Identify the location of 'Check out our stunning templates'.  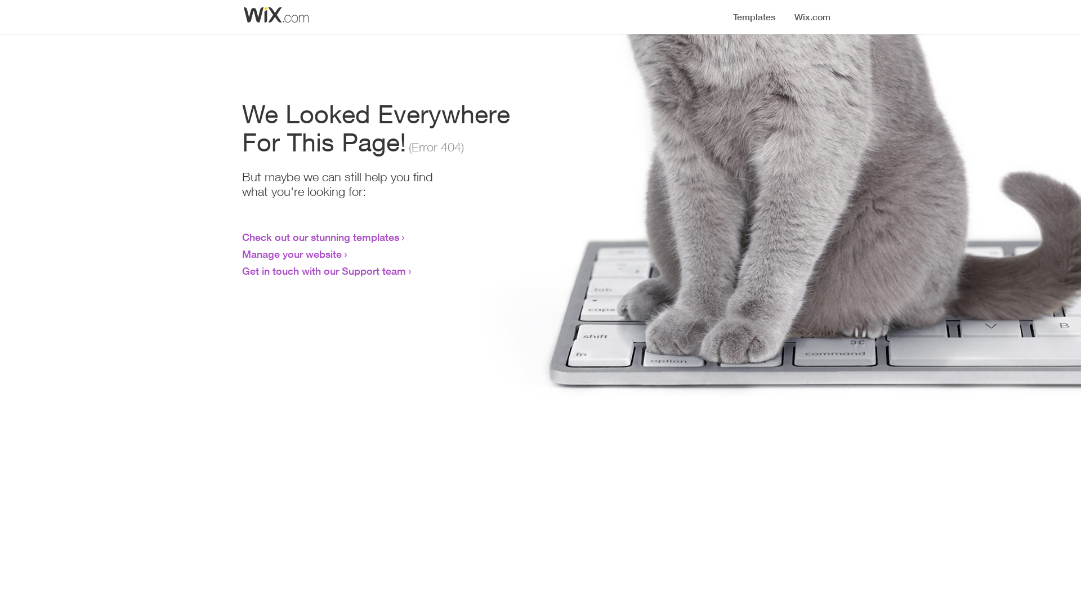
(320, 236).